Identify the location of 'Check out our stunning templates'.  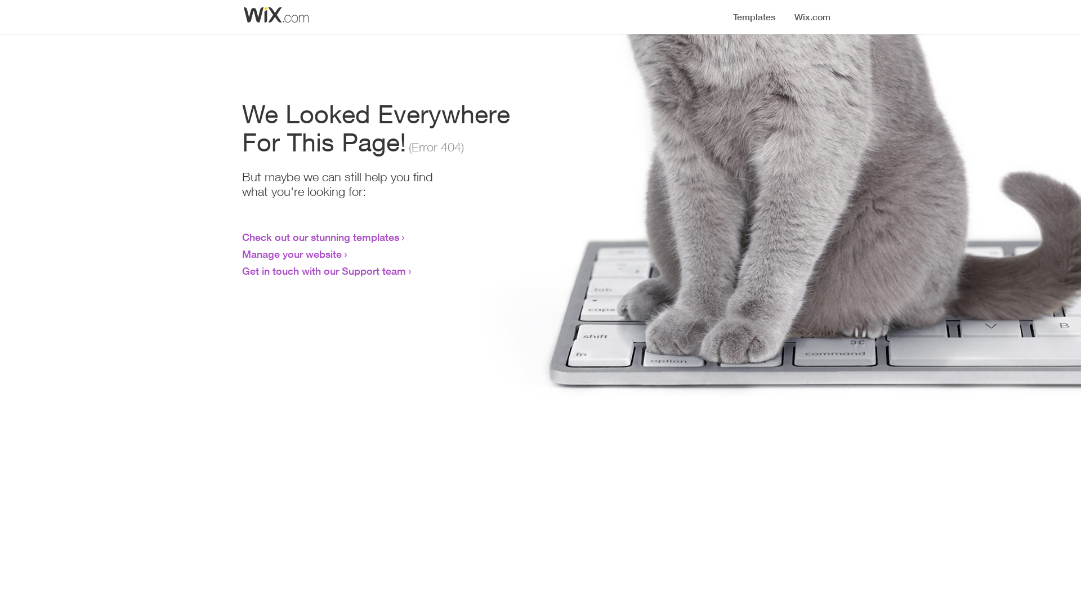
(320, 236).